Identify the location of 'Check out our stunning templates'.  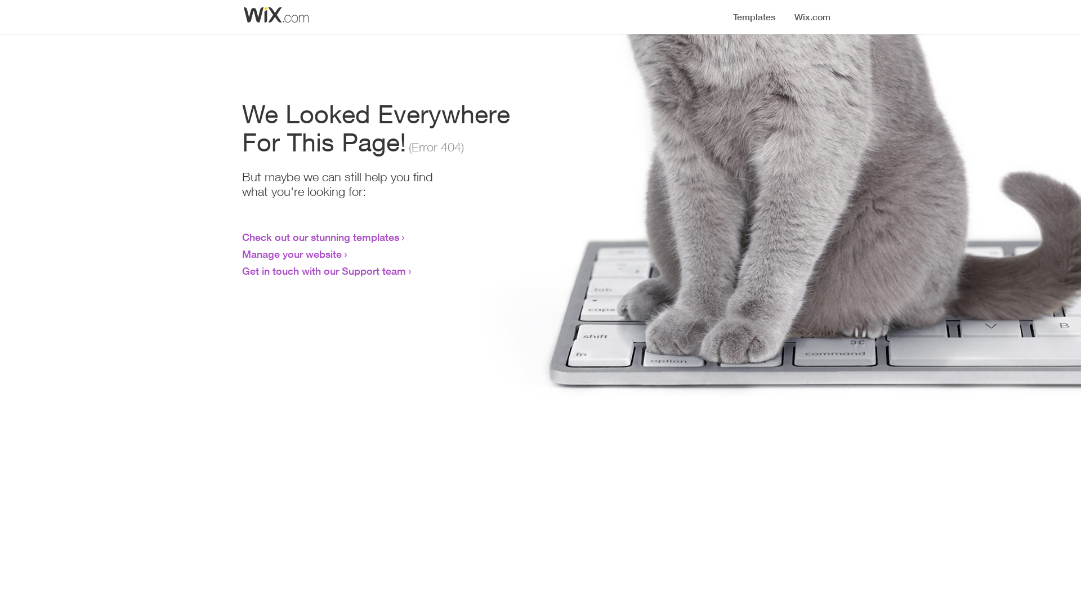
(320, 236).